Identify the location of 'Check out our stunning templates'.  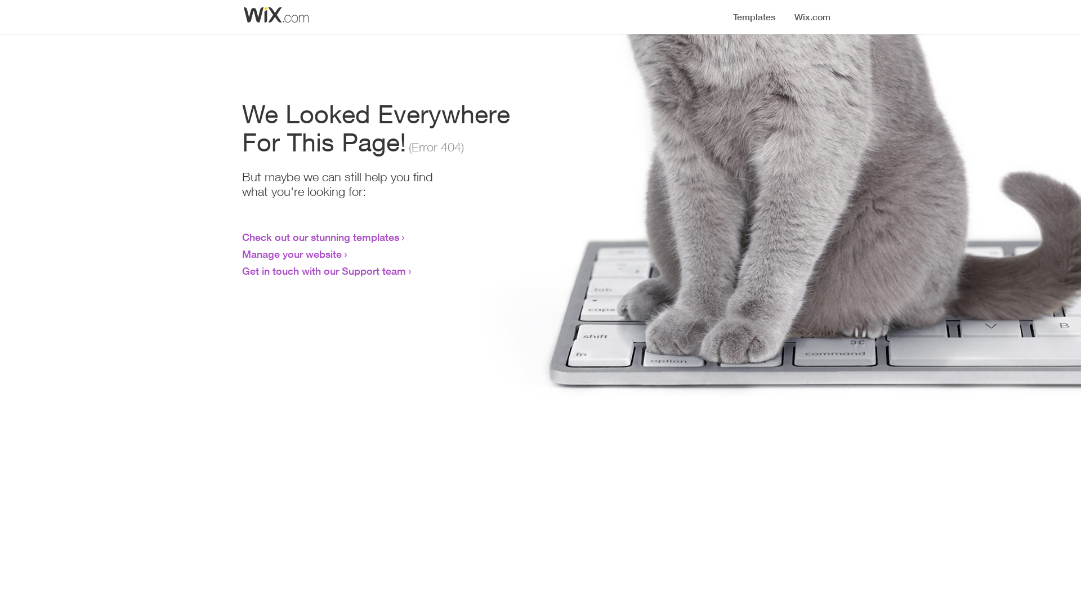
(320, 236).